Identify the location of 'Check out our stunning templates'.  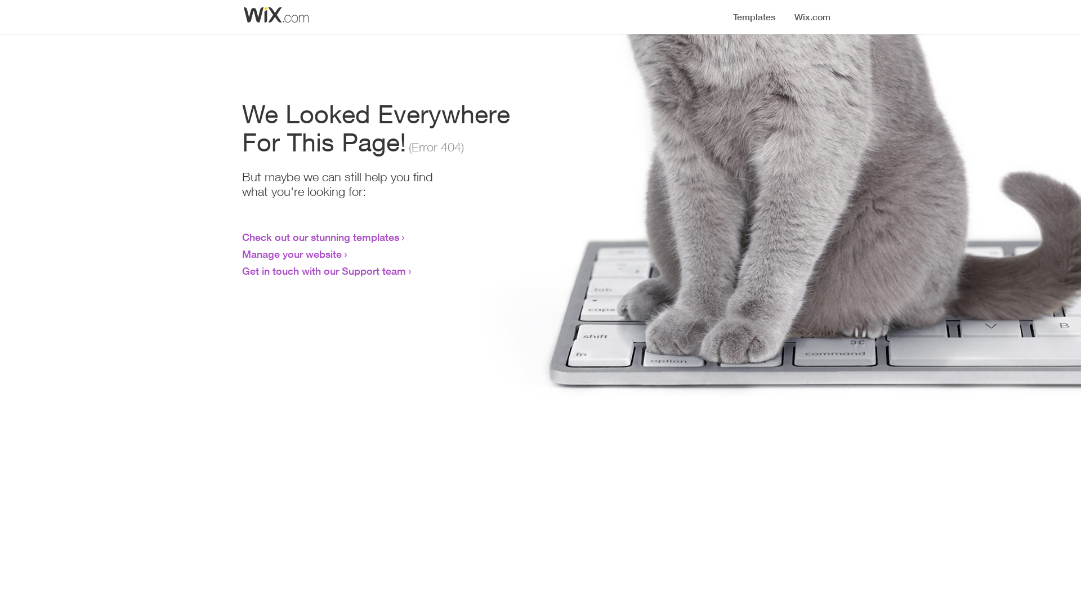
(320, 236).